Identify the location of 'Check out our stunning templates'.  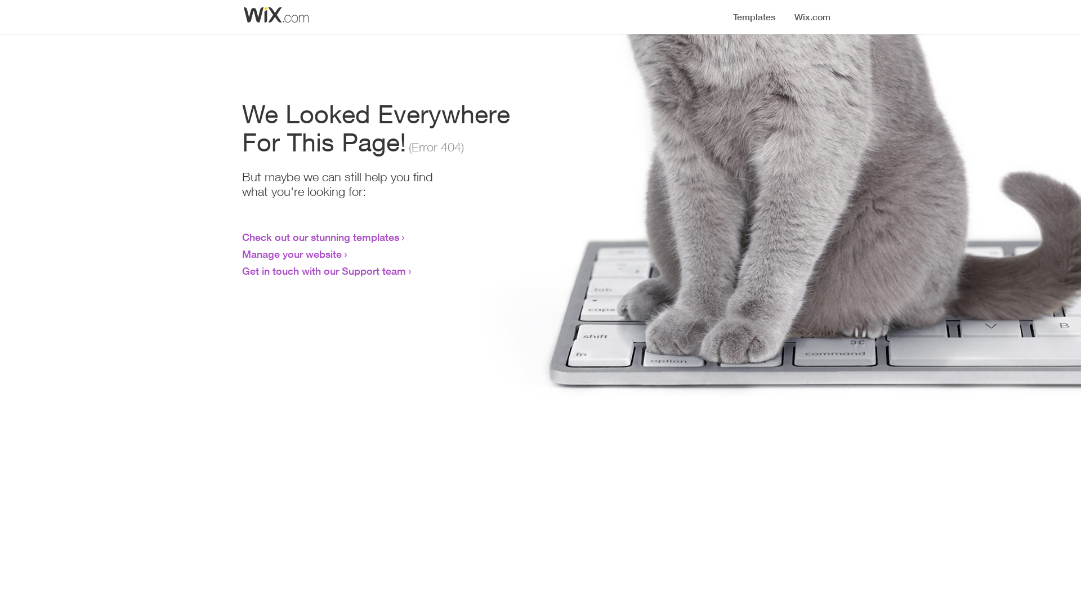
(320, 236).